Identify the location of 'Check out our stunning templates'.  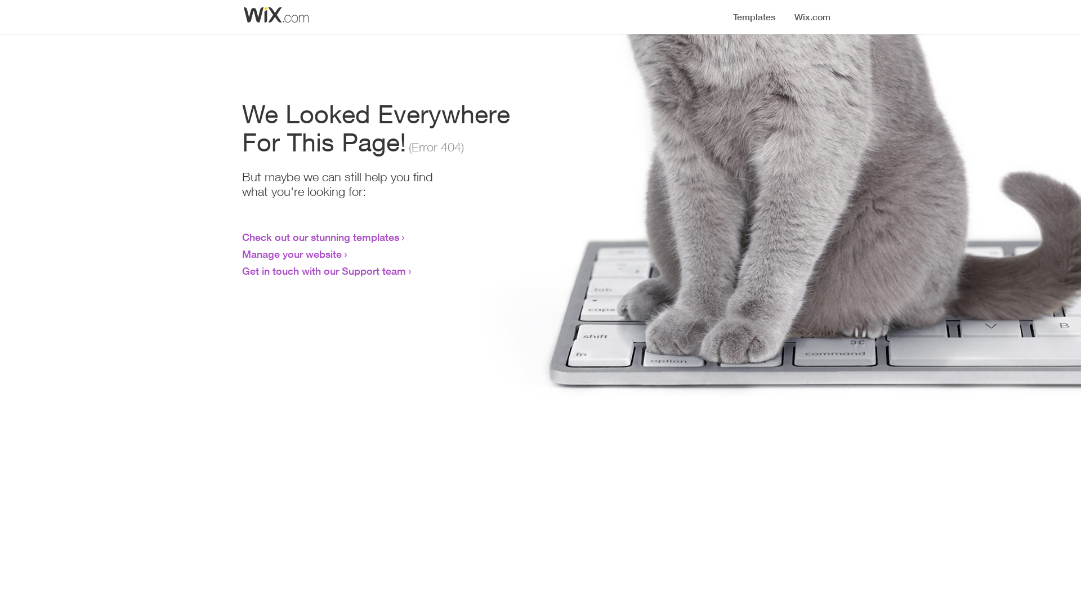
(320, 236).